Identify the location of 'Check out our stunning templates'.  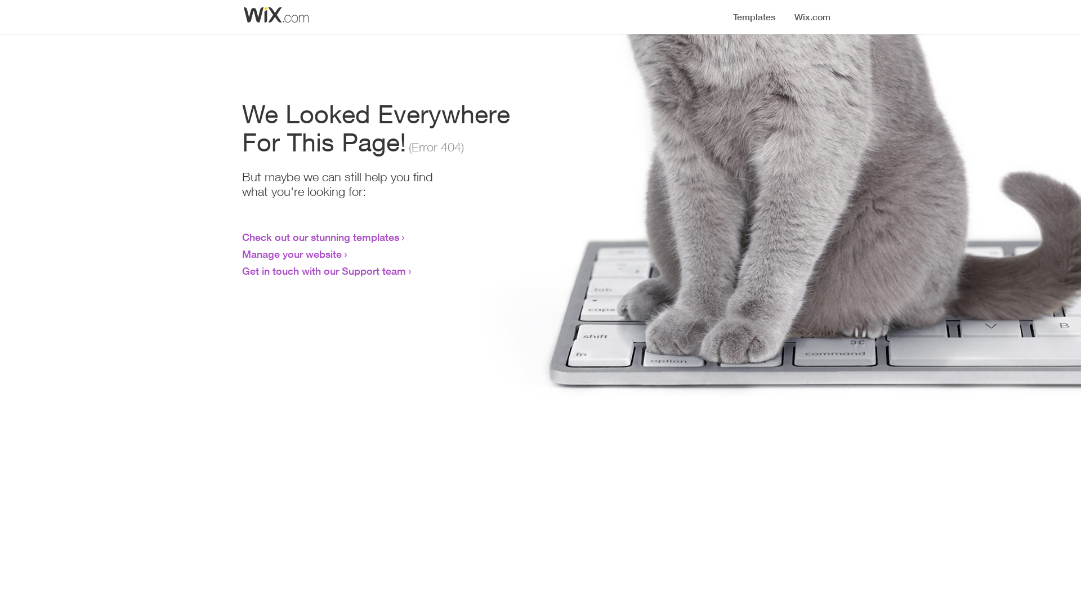
(320, 236).